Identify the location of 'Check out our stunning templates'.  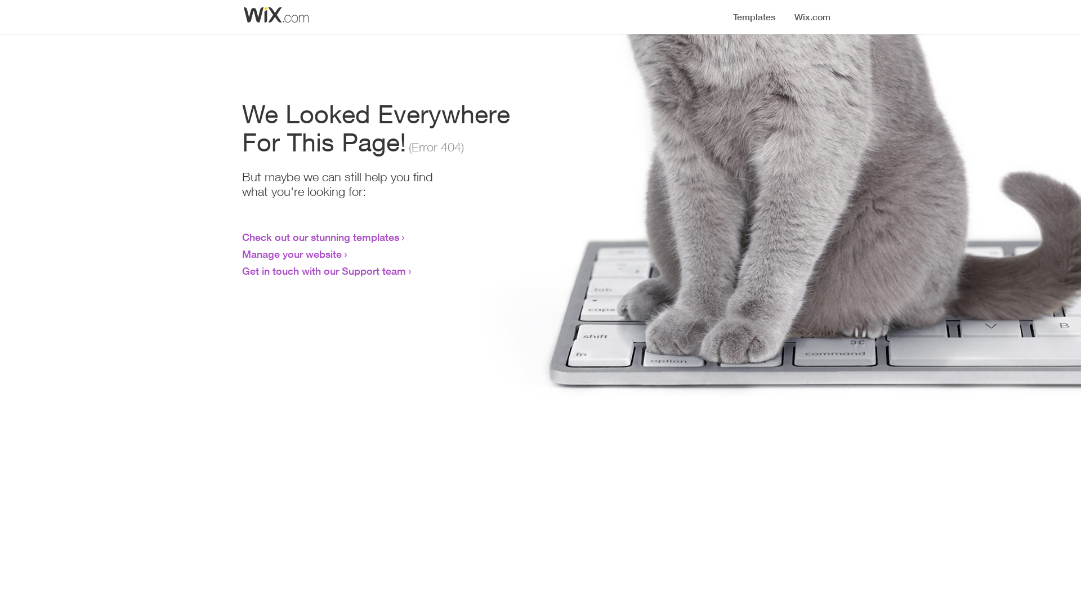
(320, 236).